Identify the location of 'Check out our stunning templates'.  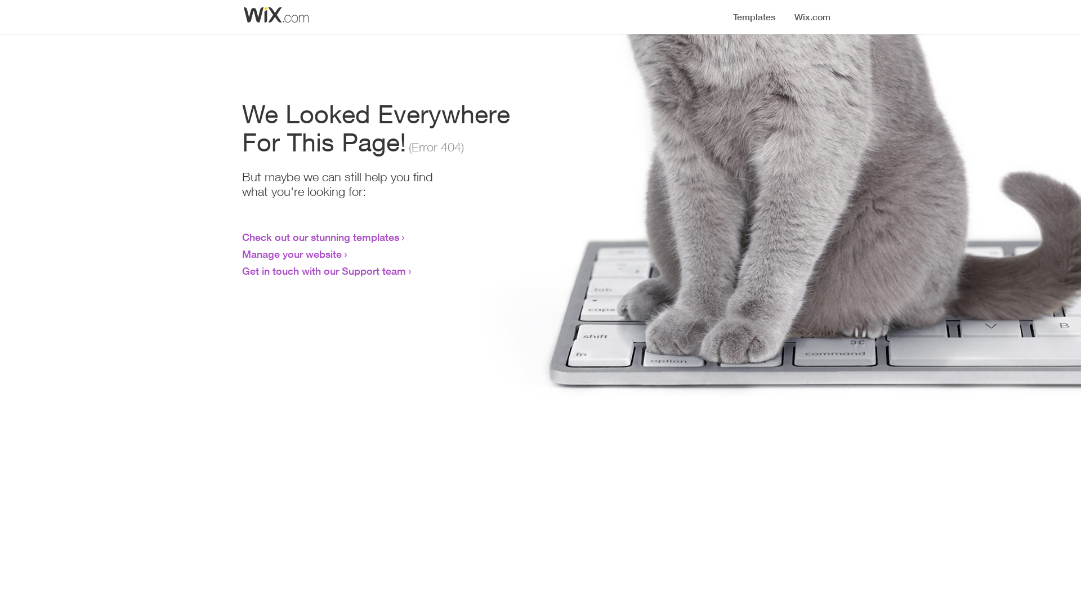
(320, 236).